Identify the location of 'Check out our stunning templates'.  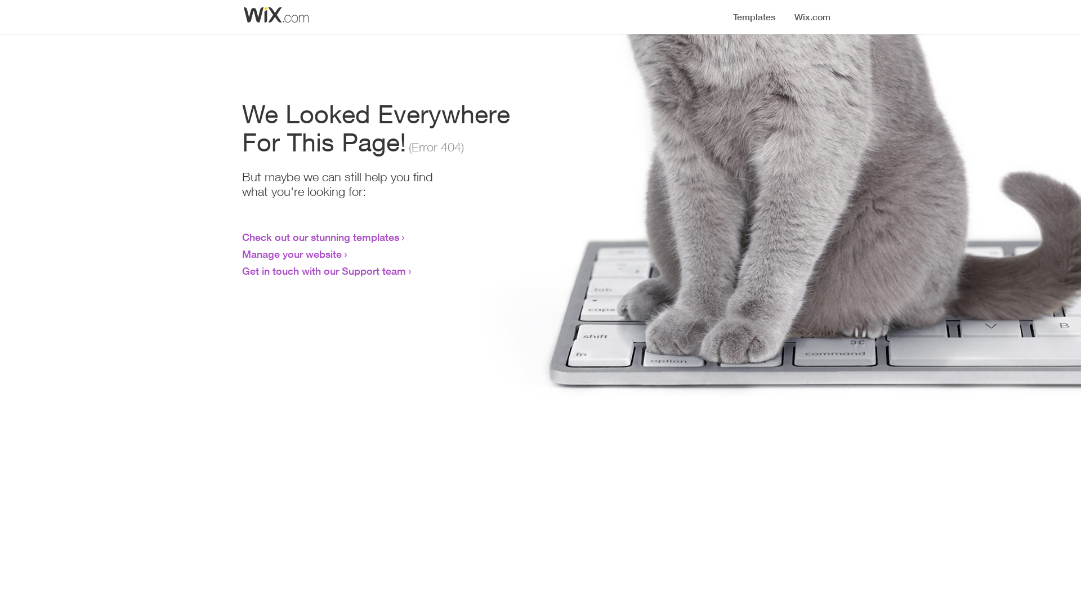
(320, 236).